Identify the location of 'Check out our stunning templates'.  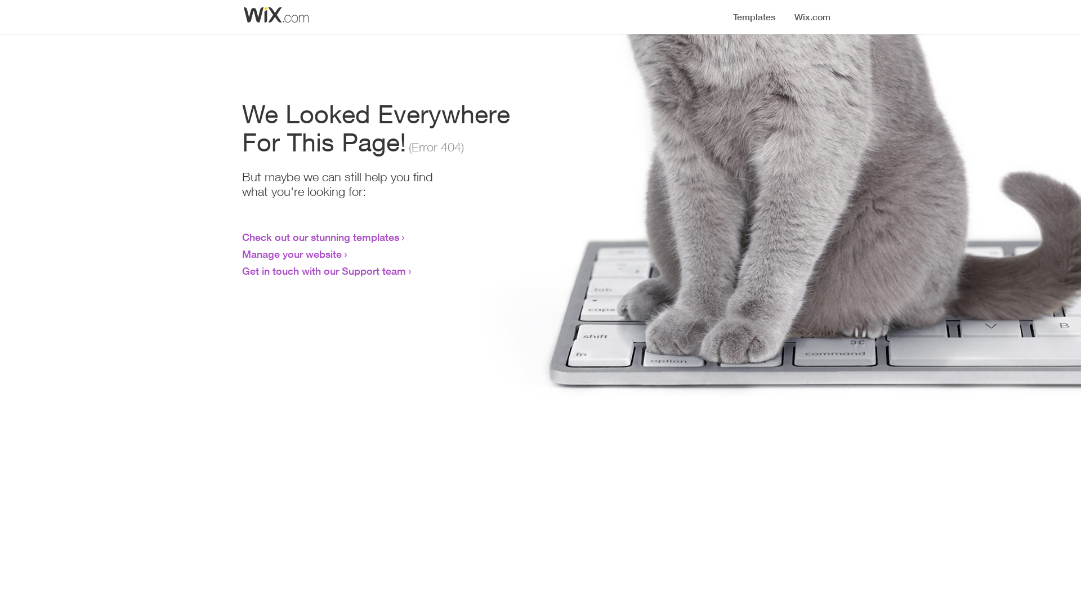
(320, 236).